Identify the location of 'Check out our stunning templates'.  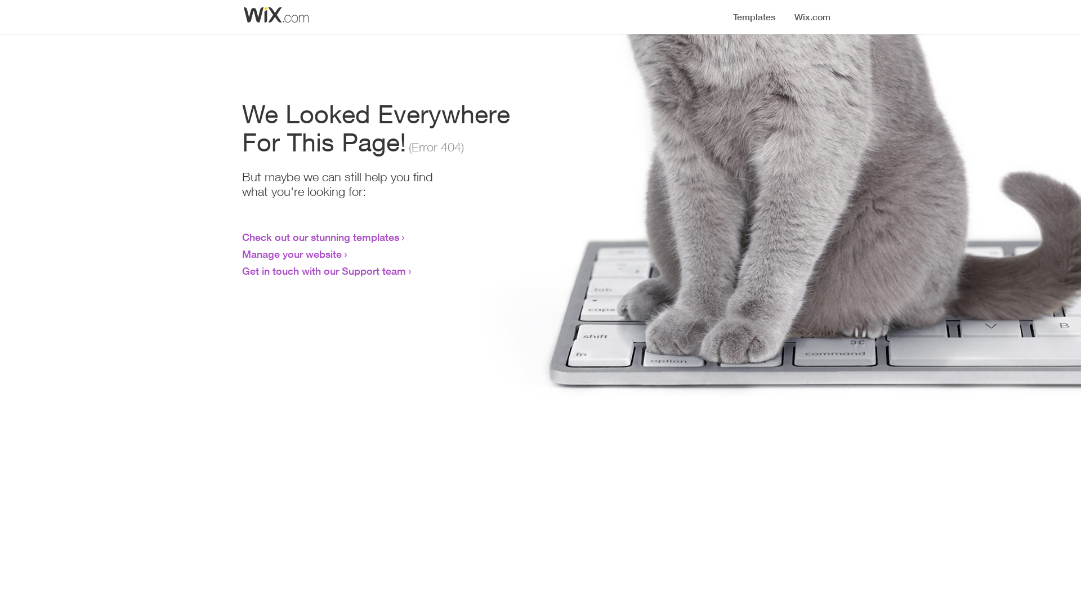
(320, 236).